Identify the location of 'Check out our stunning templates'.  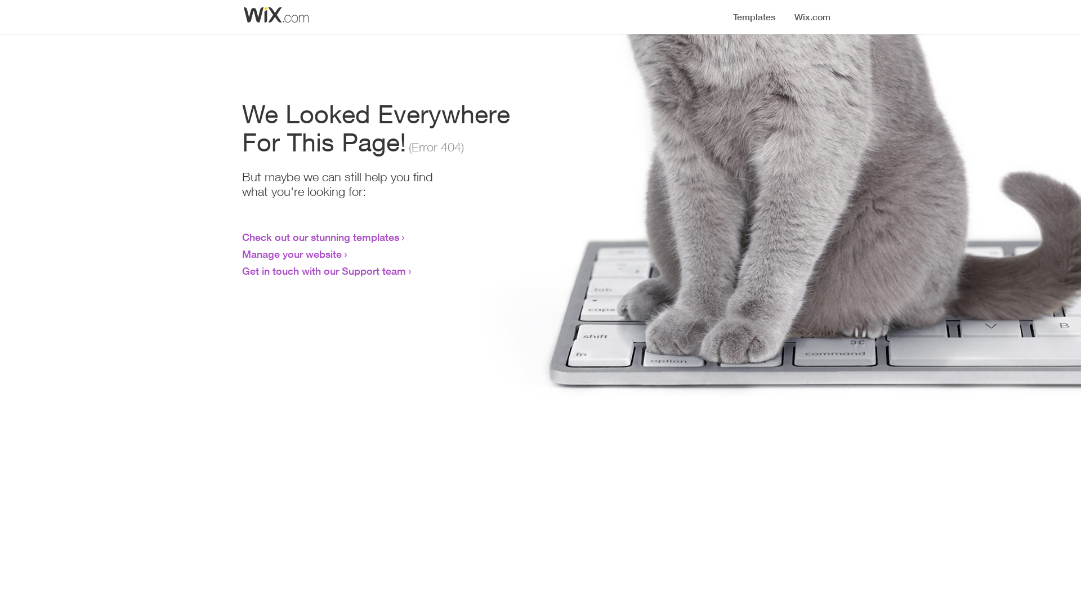
(320, 236).